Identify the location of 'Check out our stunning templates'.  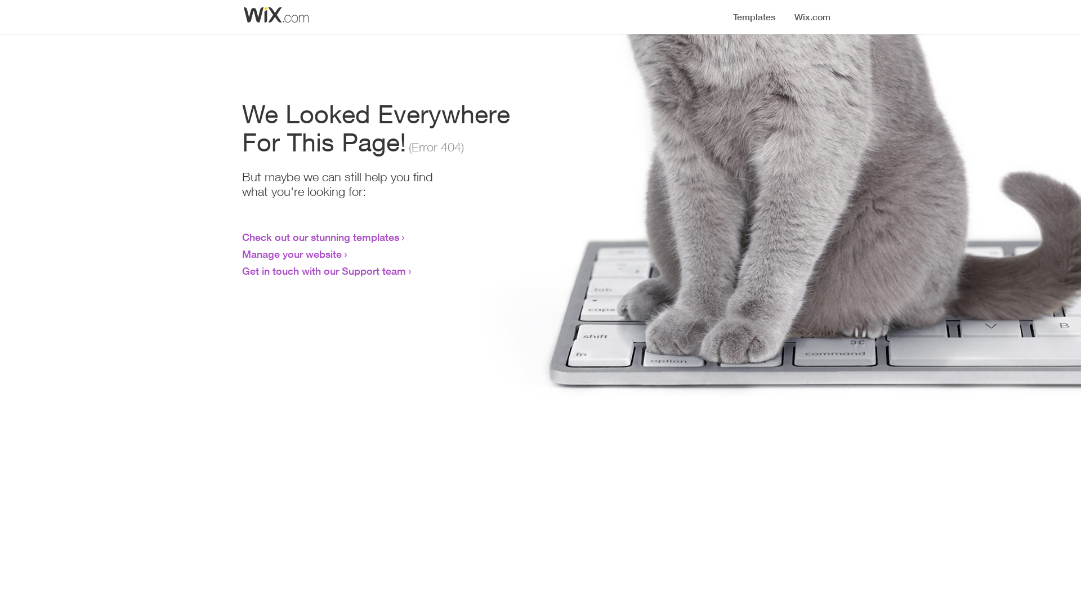
(320, 236).